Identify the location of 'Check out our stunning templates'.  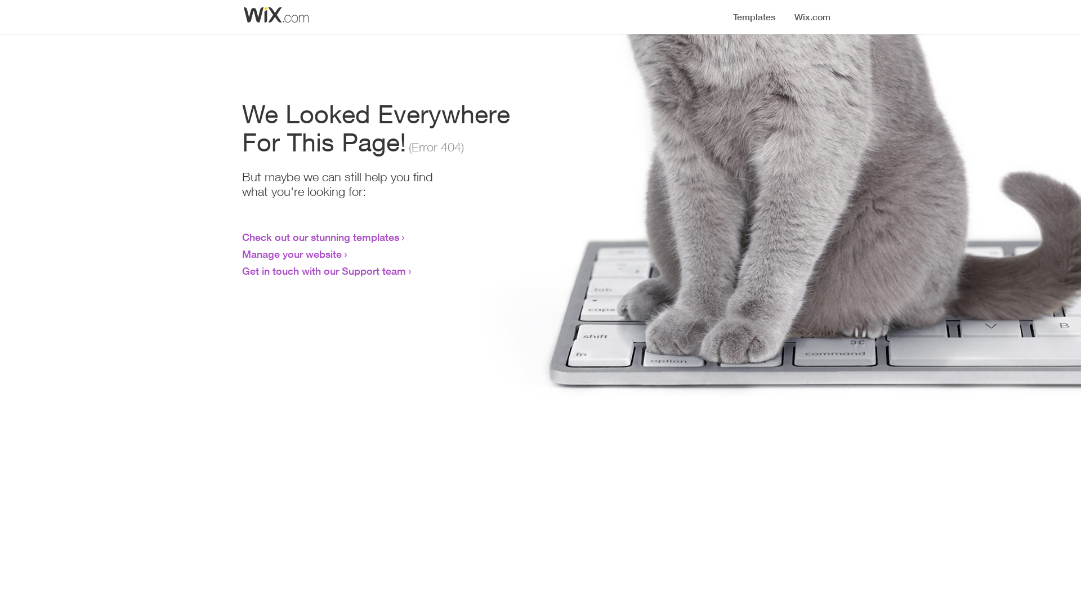
(320, 236).